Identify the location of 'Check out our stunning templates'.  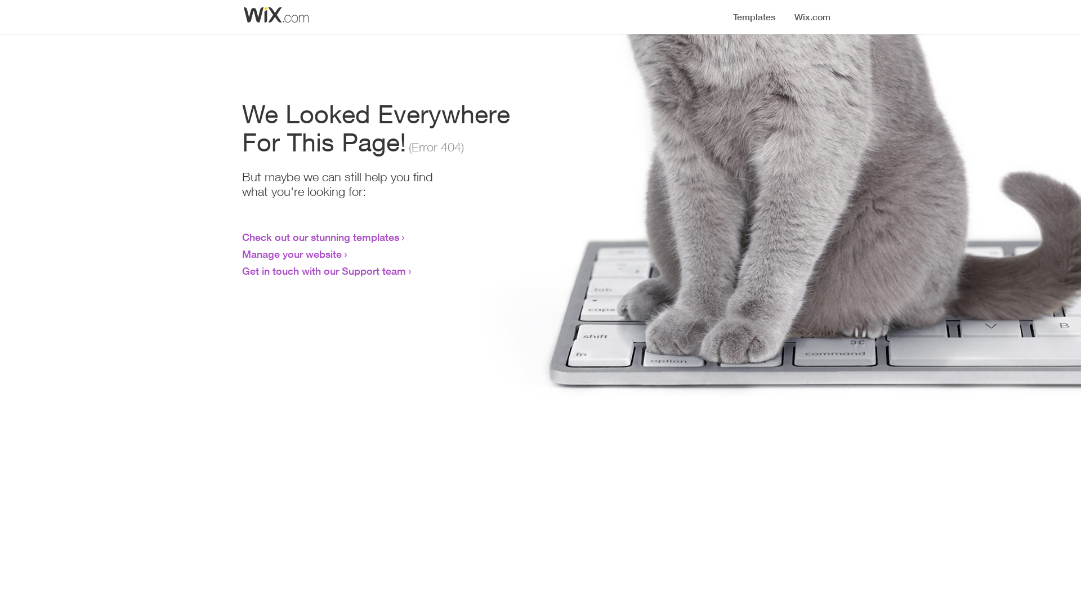
(320, 236).